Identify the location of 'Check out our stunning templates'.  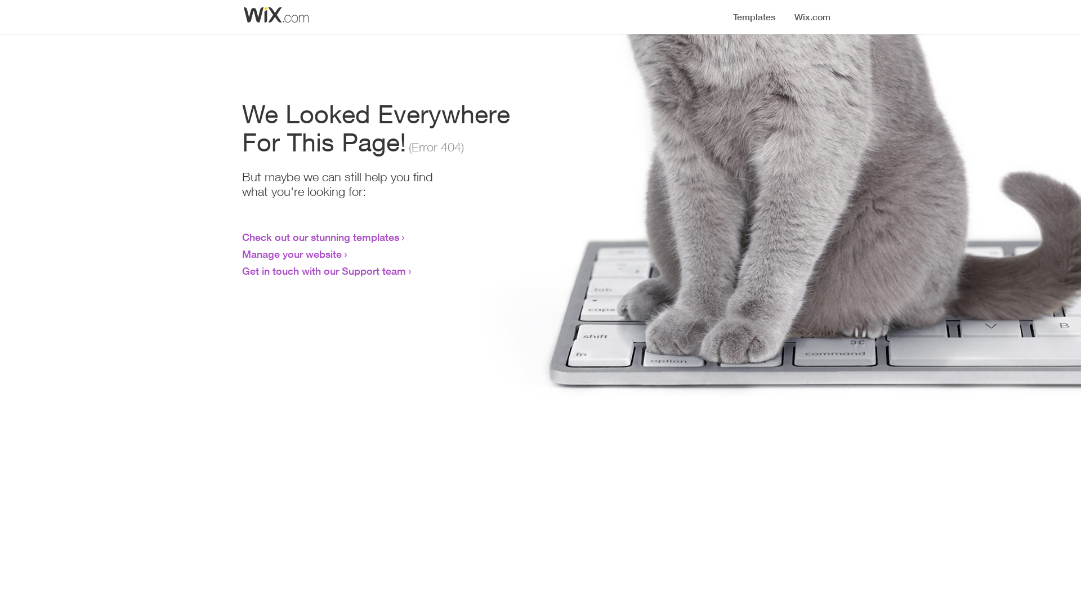
(320, 236).